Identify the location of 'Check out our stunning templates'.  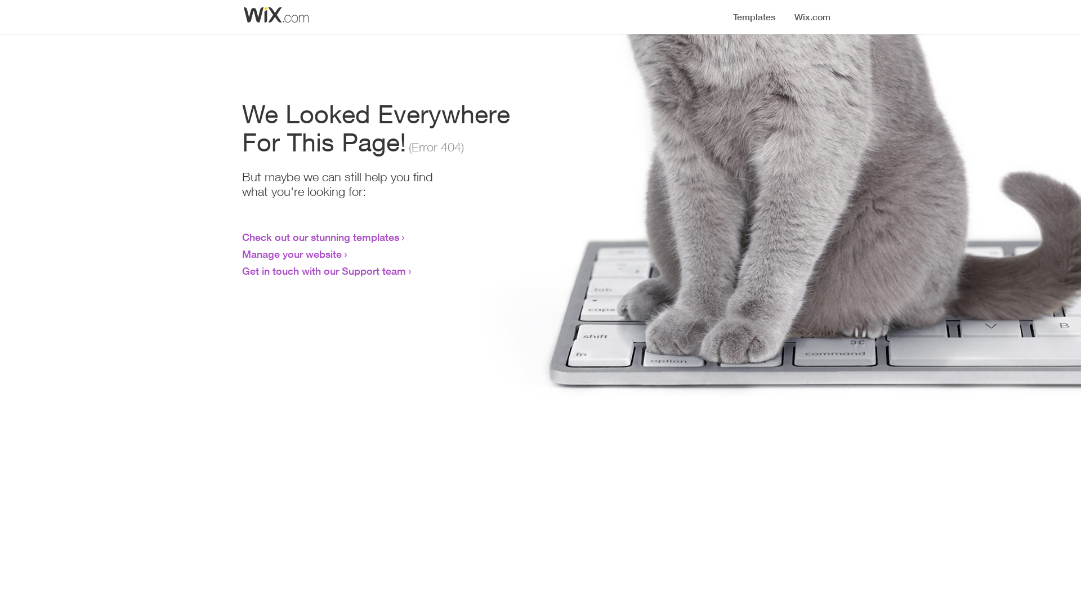
(320, 236).